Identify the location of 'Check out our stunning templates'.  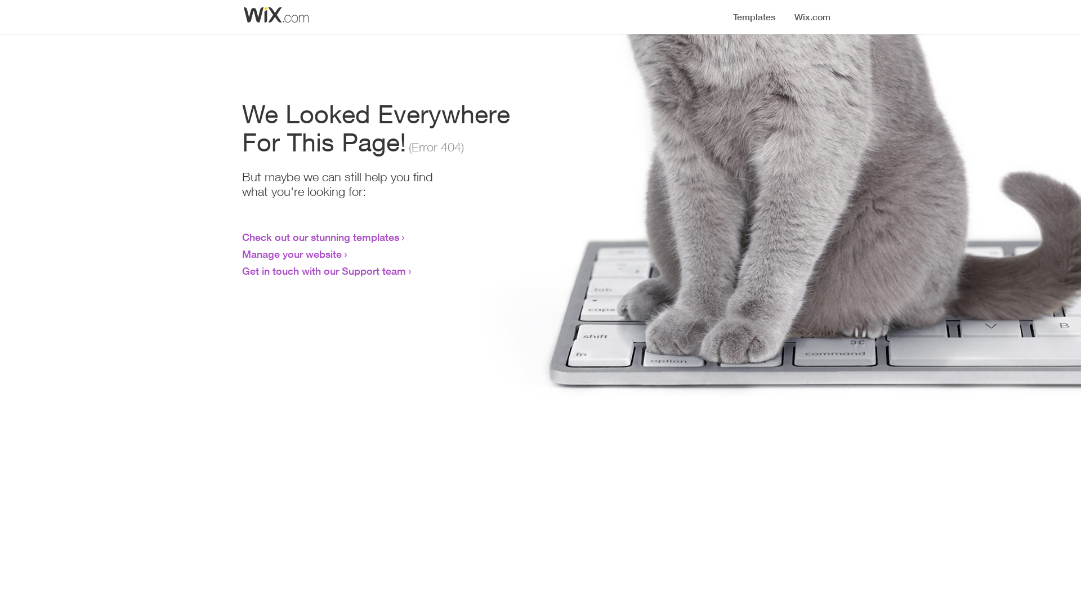
(320, 236).